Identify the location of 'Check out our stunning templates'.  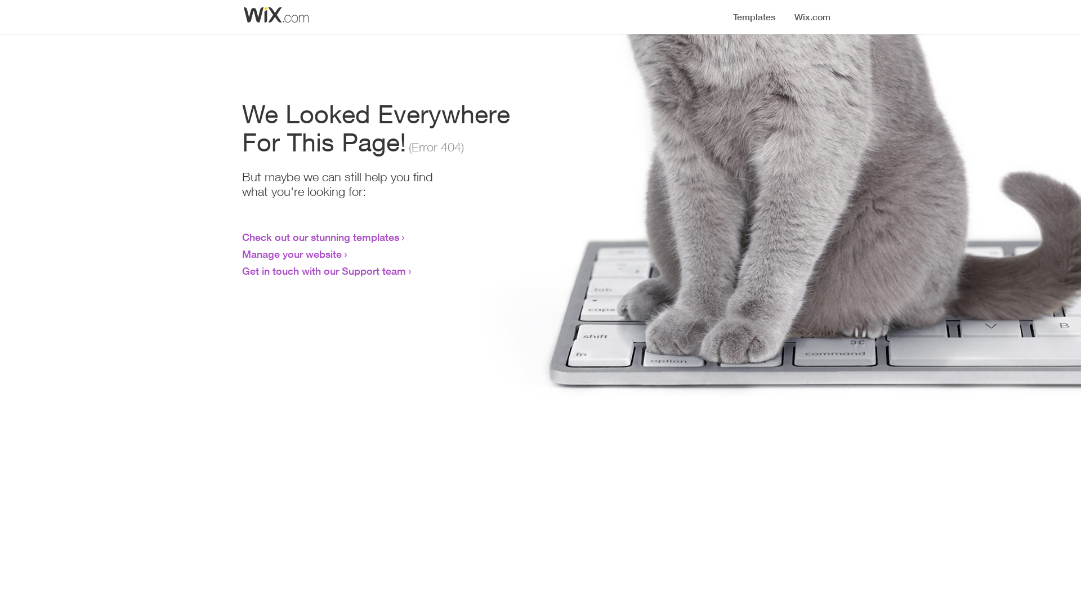
(320, 236).